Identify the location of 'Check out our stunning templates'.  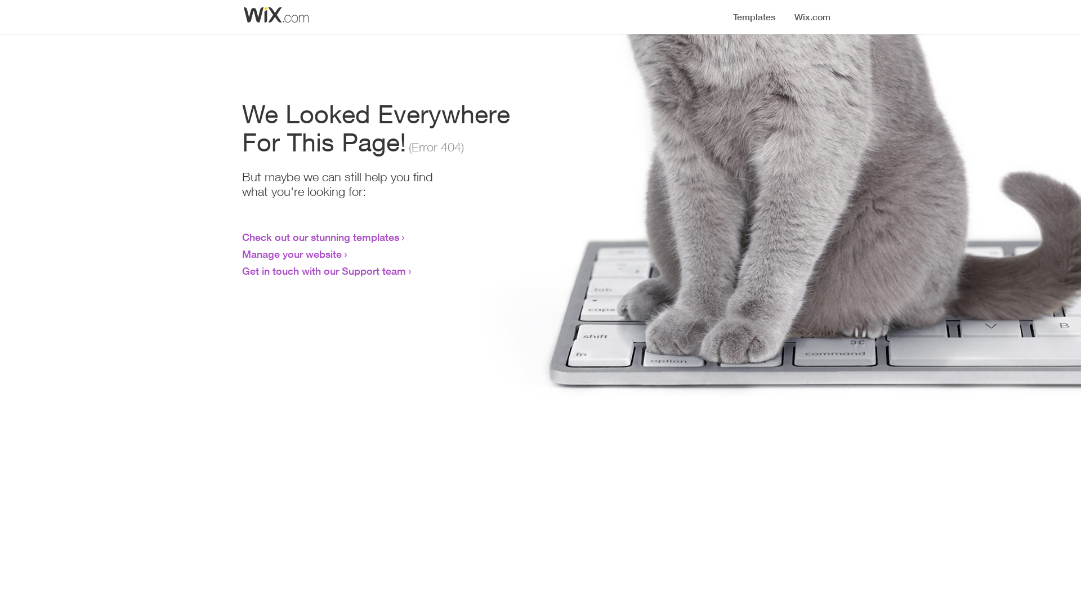
(320, 236).